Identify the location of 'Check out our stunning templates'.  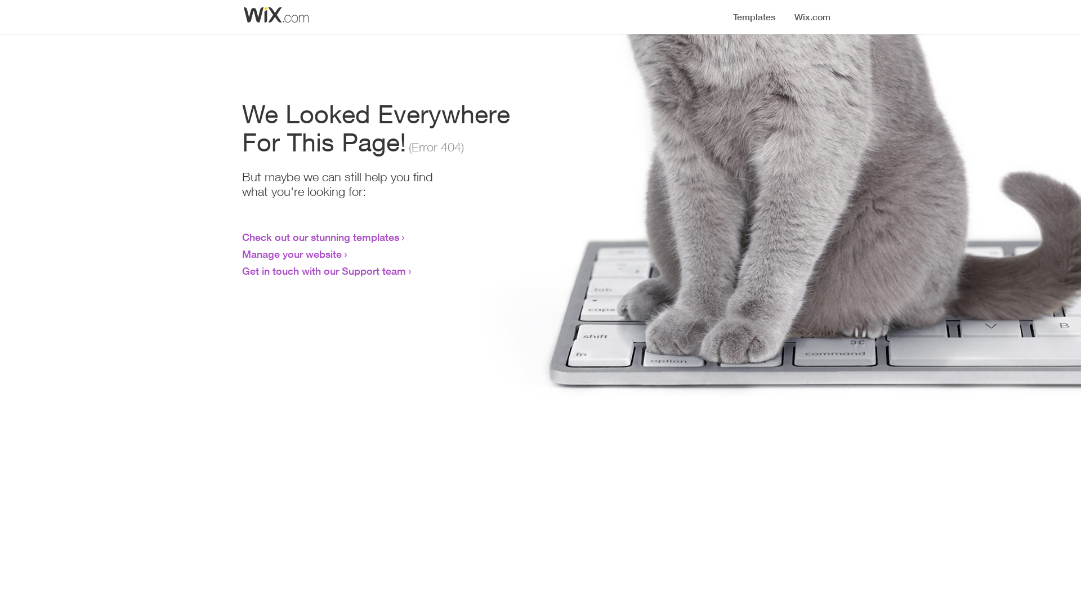
(320, 236).